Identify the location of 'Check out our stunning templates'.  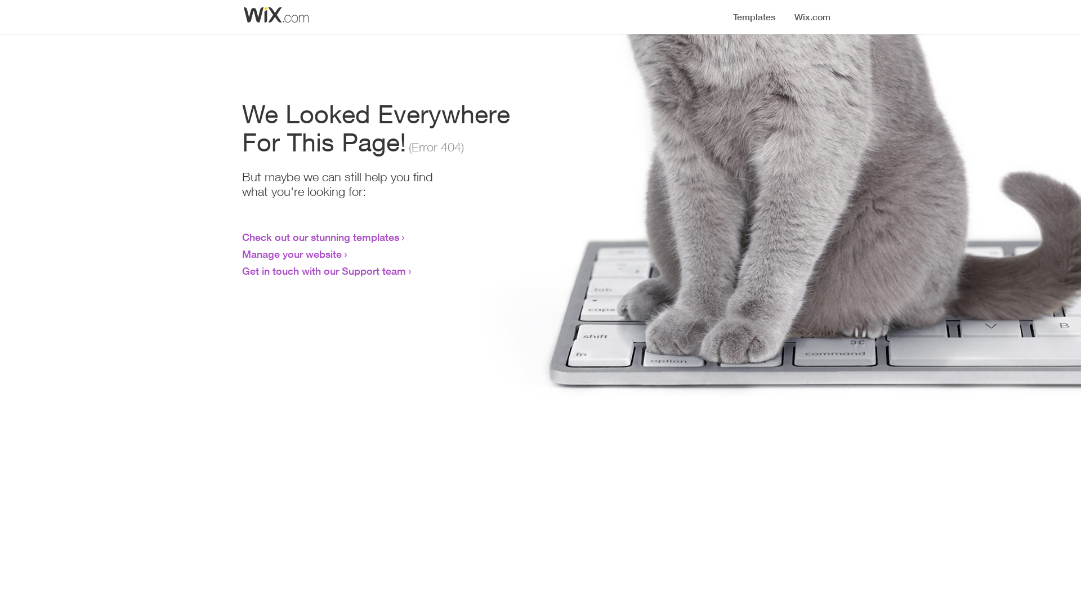
(320, 236).